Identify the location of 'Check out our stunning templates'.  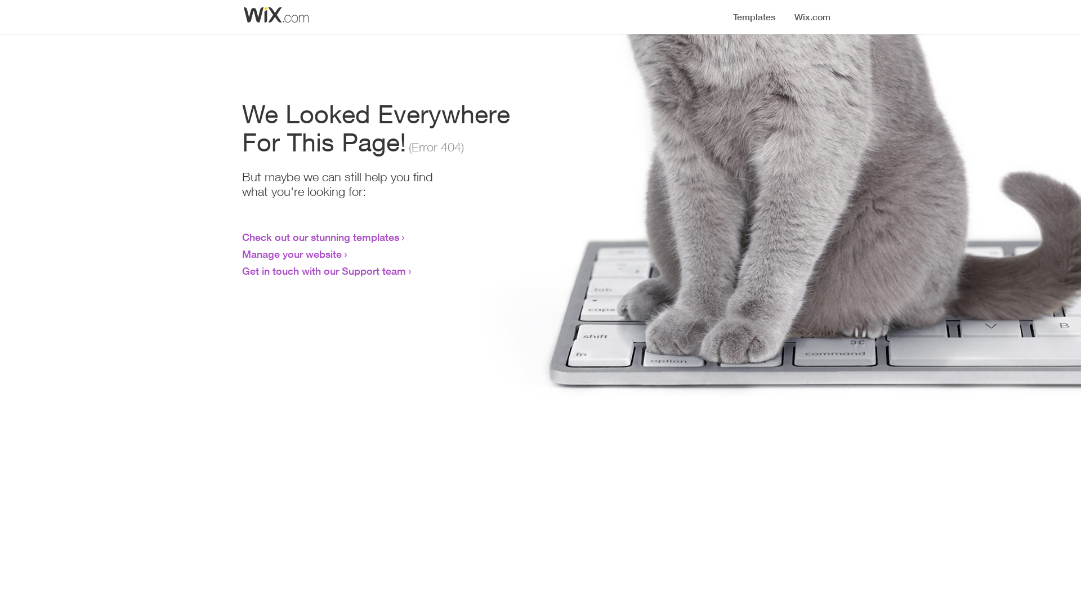
(320, 236).